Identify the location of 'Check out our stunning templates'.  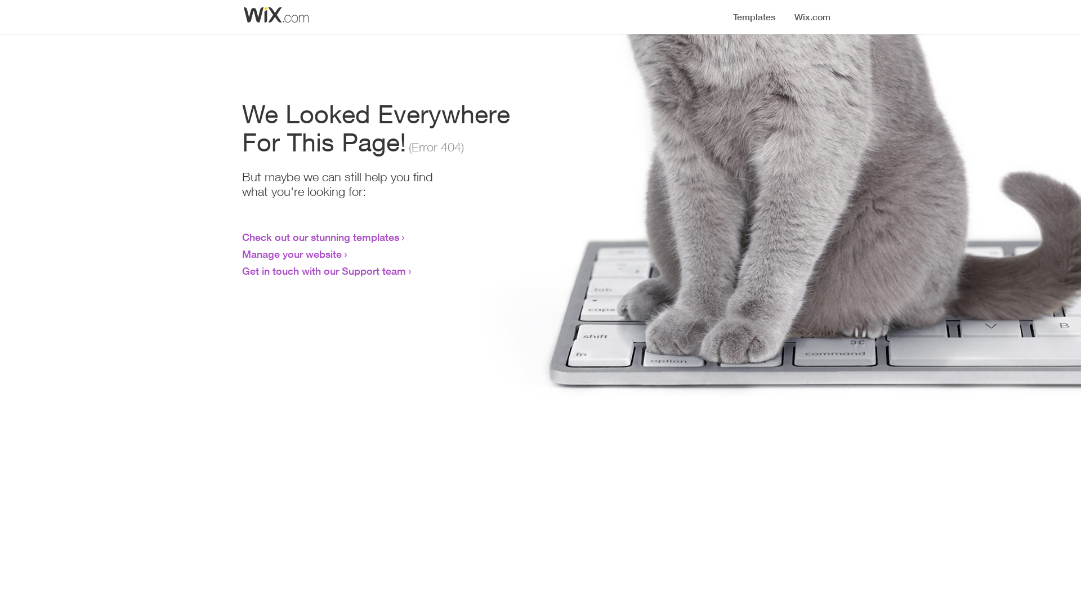
(320, 236).